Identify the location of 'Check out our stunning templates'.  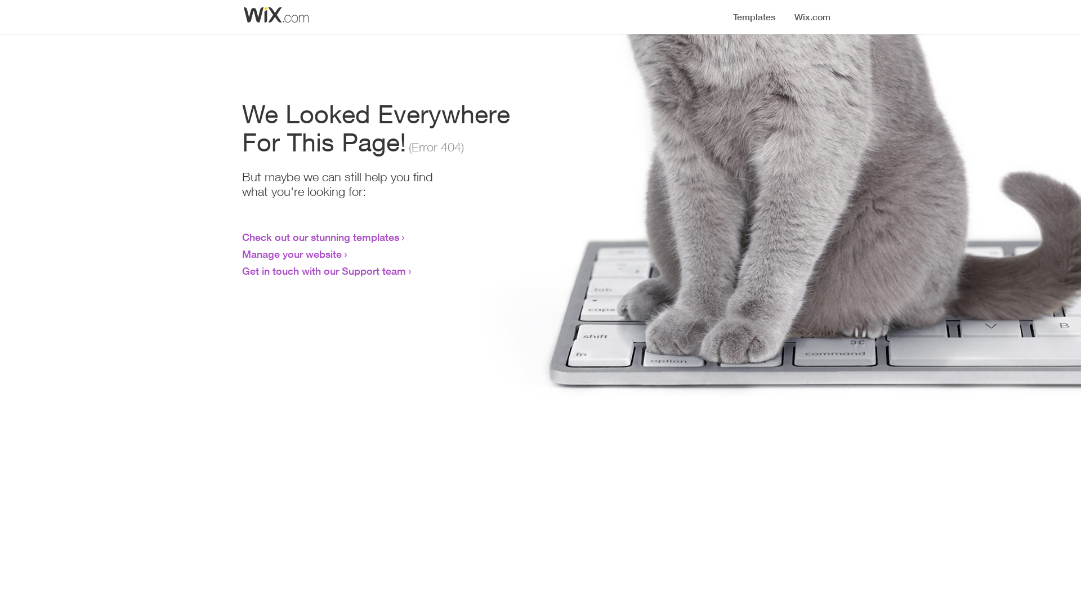
(320, 236).